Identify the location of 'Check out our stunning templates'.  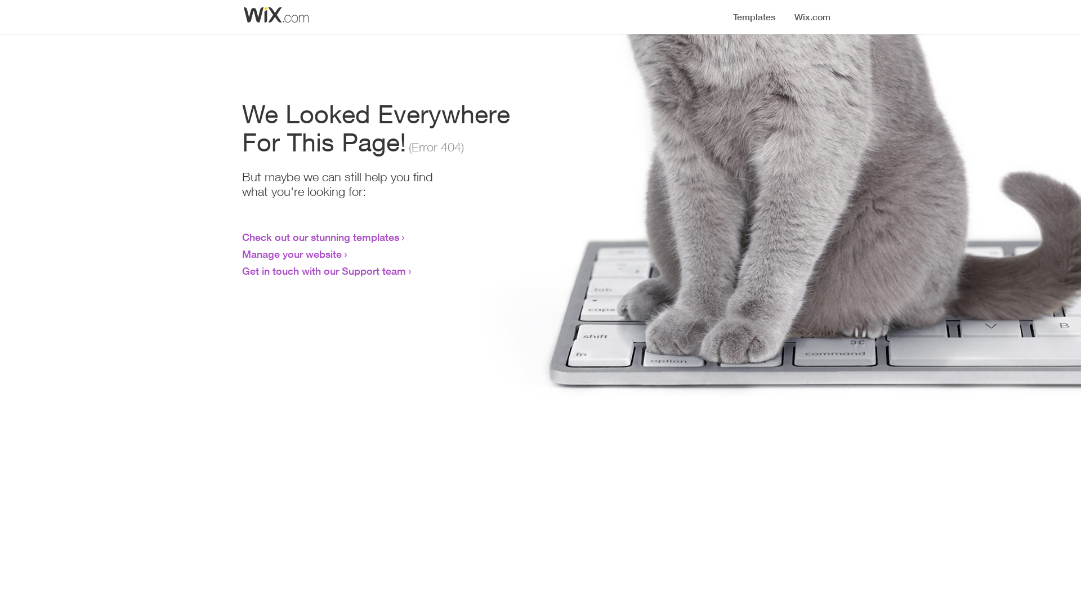
(320, 236).